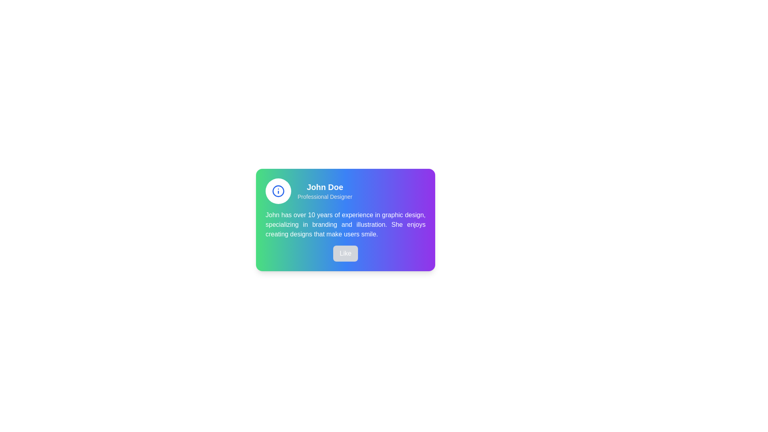 This screenshot has height=432, width=768. What do you see at coordinates (278, 191) in the screenshot?
I see `the help icon located within the white circular background at the top left of the profile card` at bounding box center [278, 191].